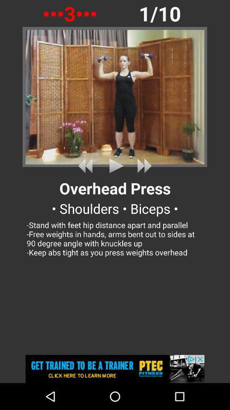  I want to click on the next page, so click(143, 165).